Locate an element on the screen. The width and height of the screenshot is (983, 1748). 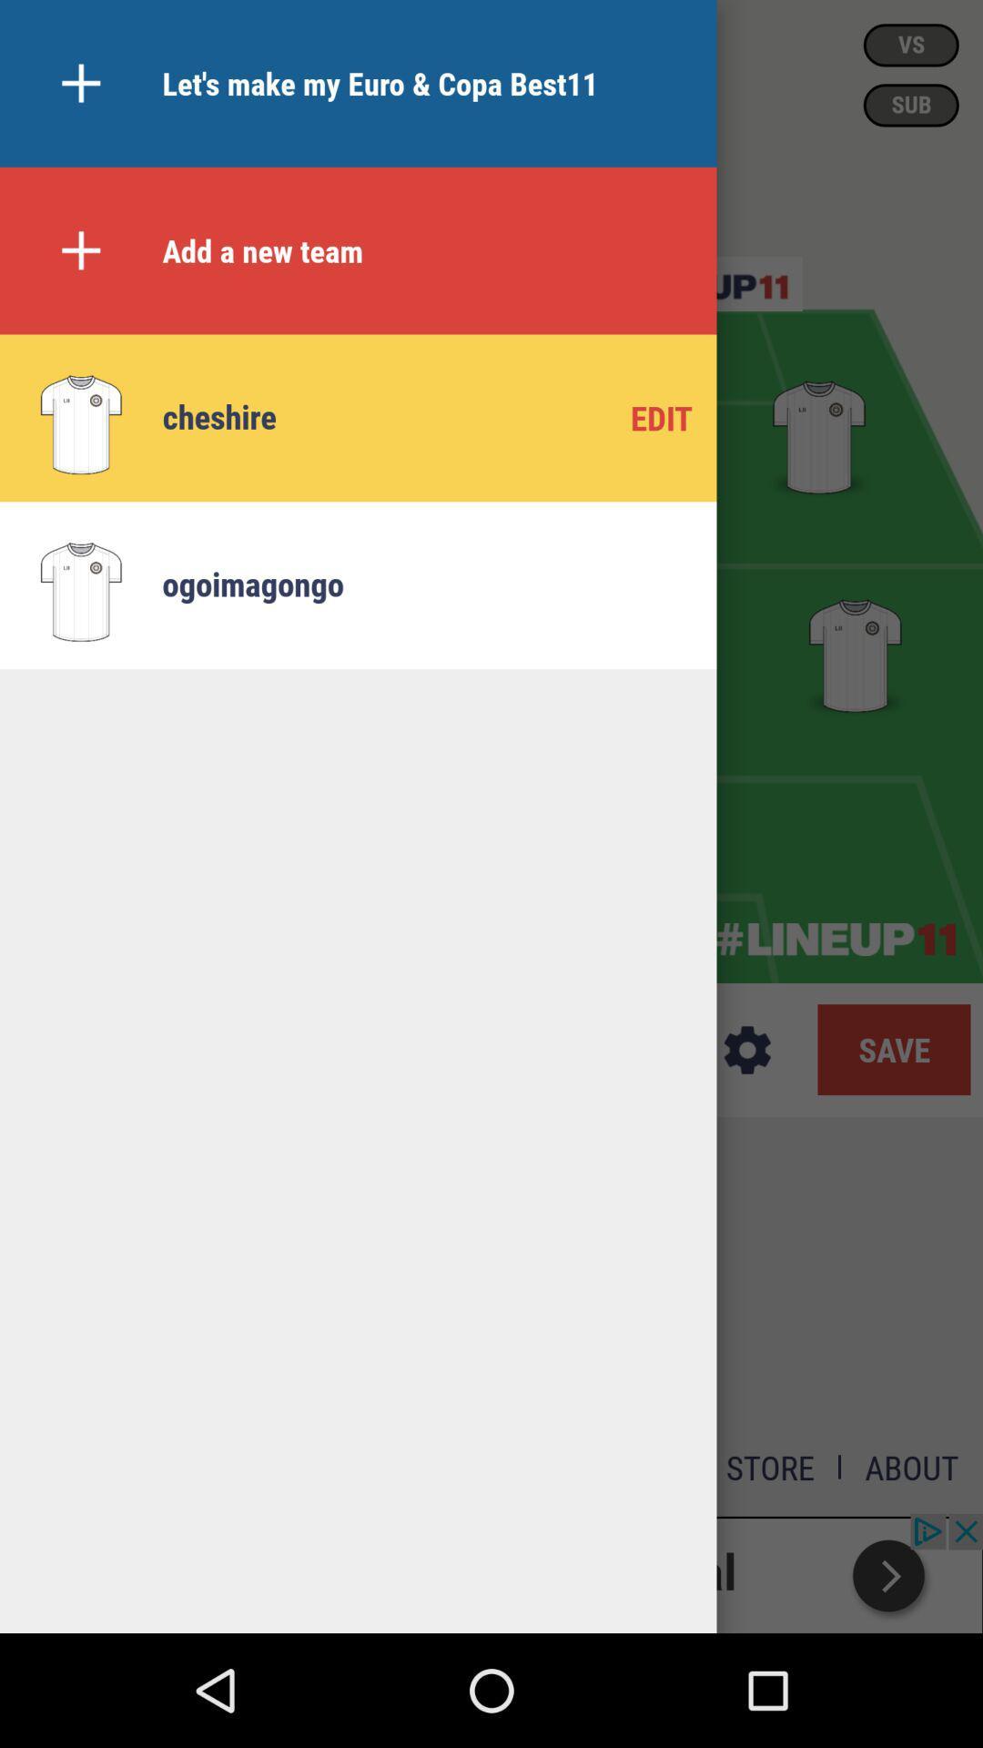
the text which is above the save is located at coordinates (836, 940).